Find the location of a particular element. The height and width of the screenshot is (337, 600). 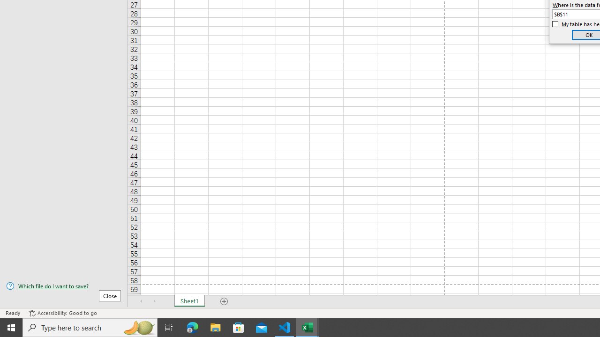

'Accessibility Checker Accessibility: Good to go' is located at coordinates (62, 313).